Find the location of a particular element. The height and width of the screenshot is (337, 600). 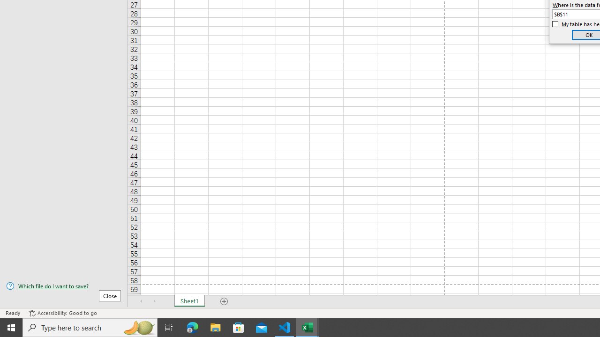

'Accessibility Checker Accessibility: Good to go' is located at coordinates (62, 313).